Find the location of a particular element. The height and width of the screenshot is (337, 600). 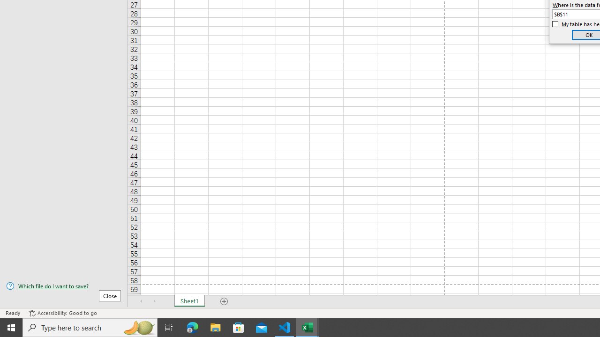

'Accessibility Checker Accessibility: Good to go' is located at coordinates (62, 313).